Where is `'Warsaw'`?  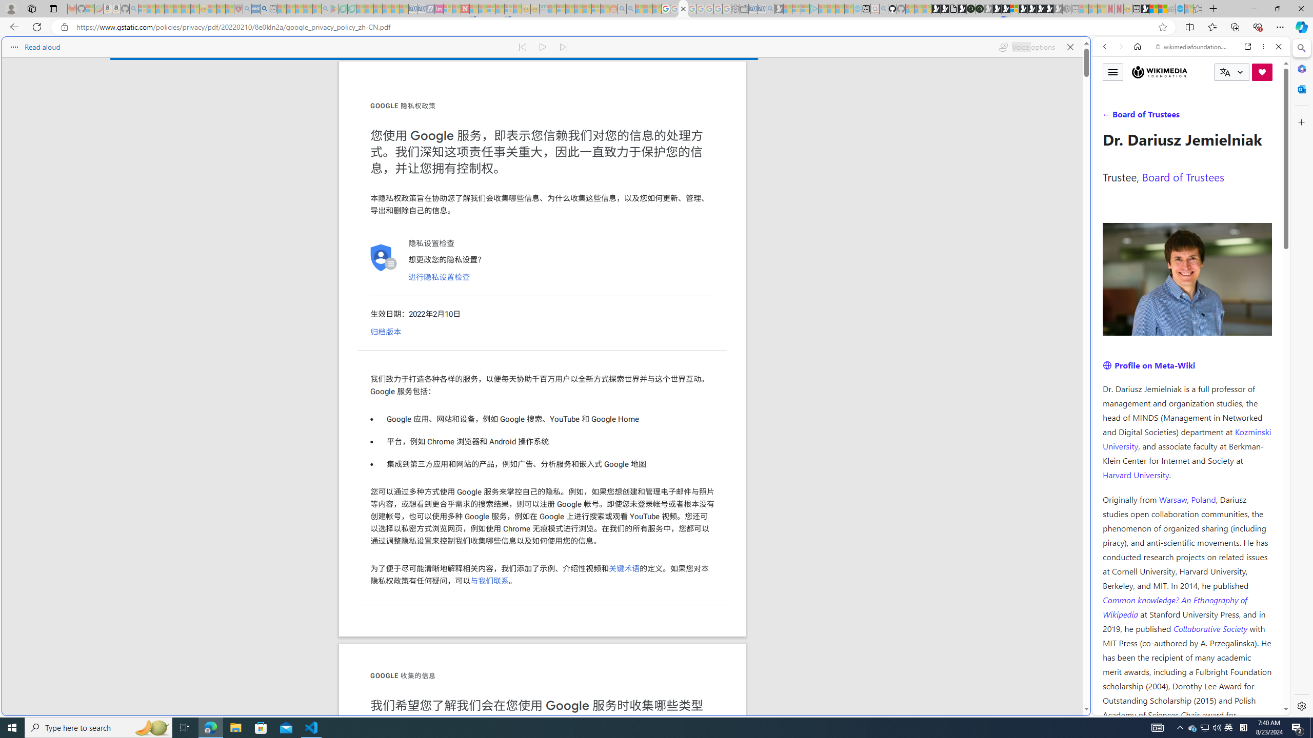
'Warsaw' is located at coordinates (1172, 499).